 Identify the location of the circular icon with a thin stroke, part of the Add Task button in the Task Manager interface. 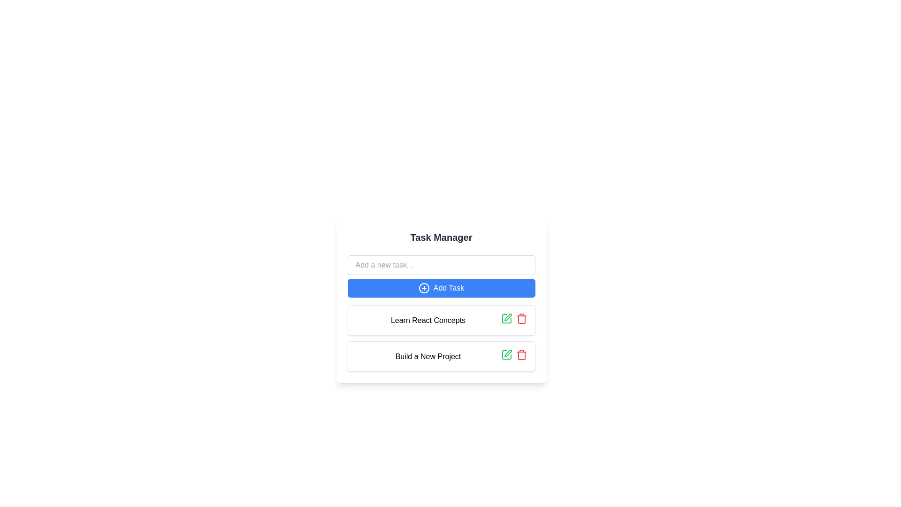
(423, 287).